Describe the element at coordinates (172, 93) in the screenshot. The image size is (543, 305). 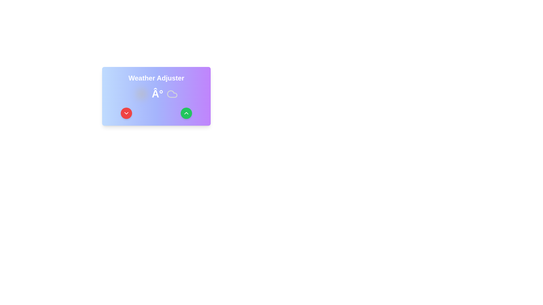
I see `the light gray cloud-shaped icon with a smooth design, positioned next to the character 'Â°' and to the left of the green upward arrow button in the weather display` at that location.